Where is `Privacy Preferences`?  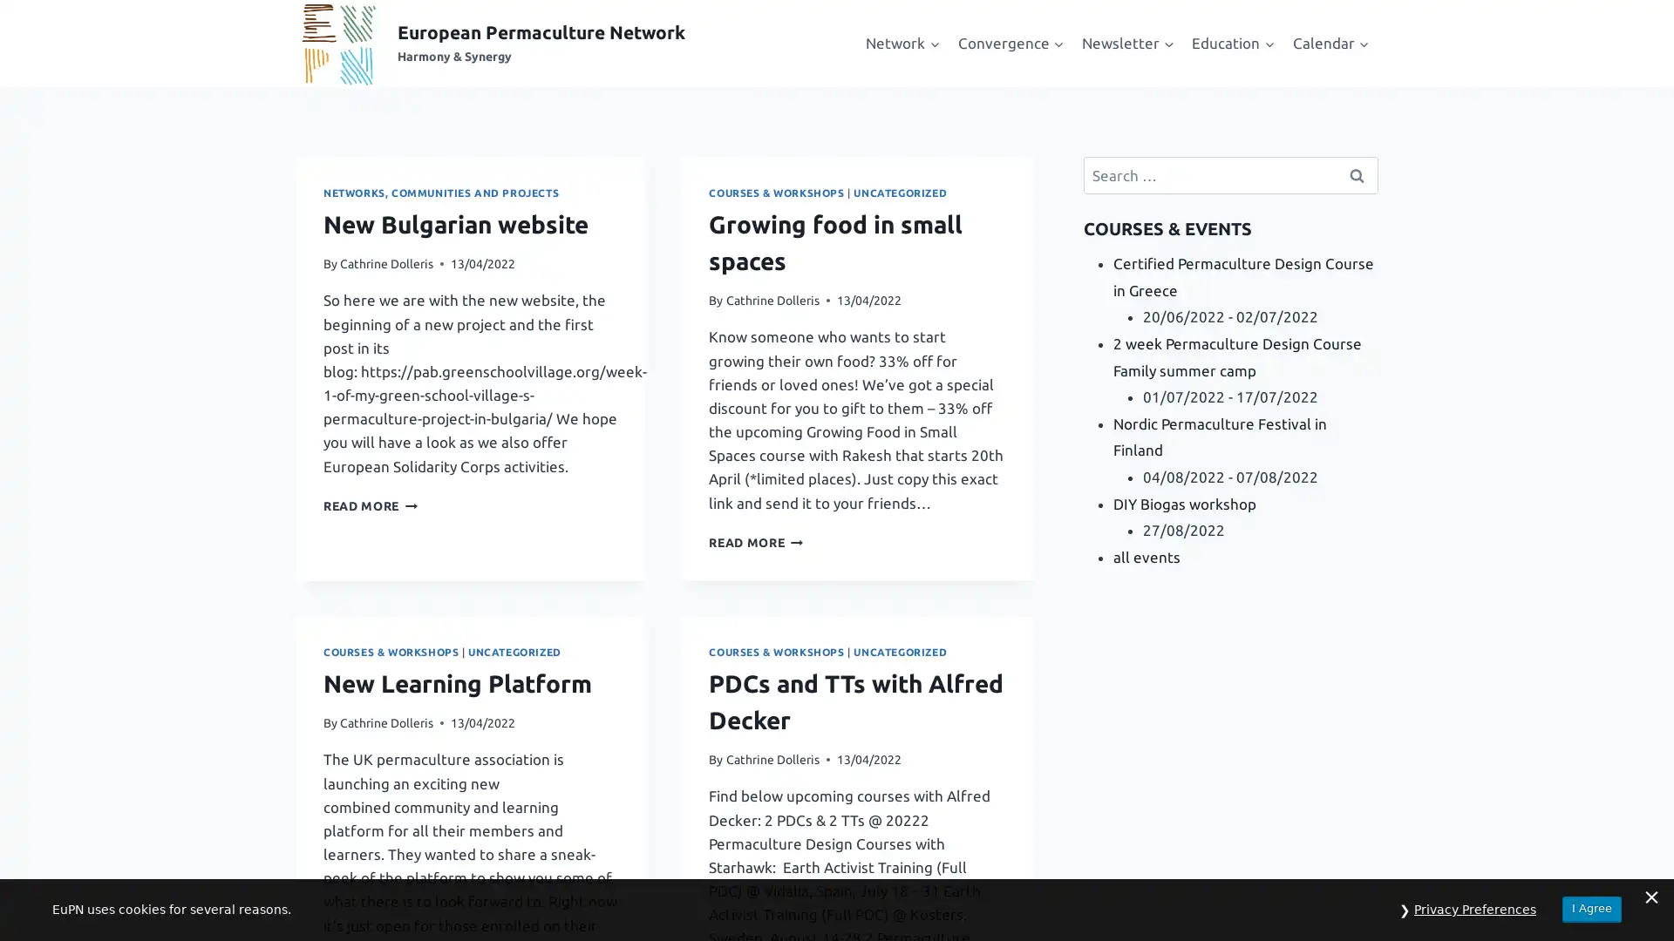 Privacy Preferences is located at coordinates (1474, 909).